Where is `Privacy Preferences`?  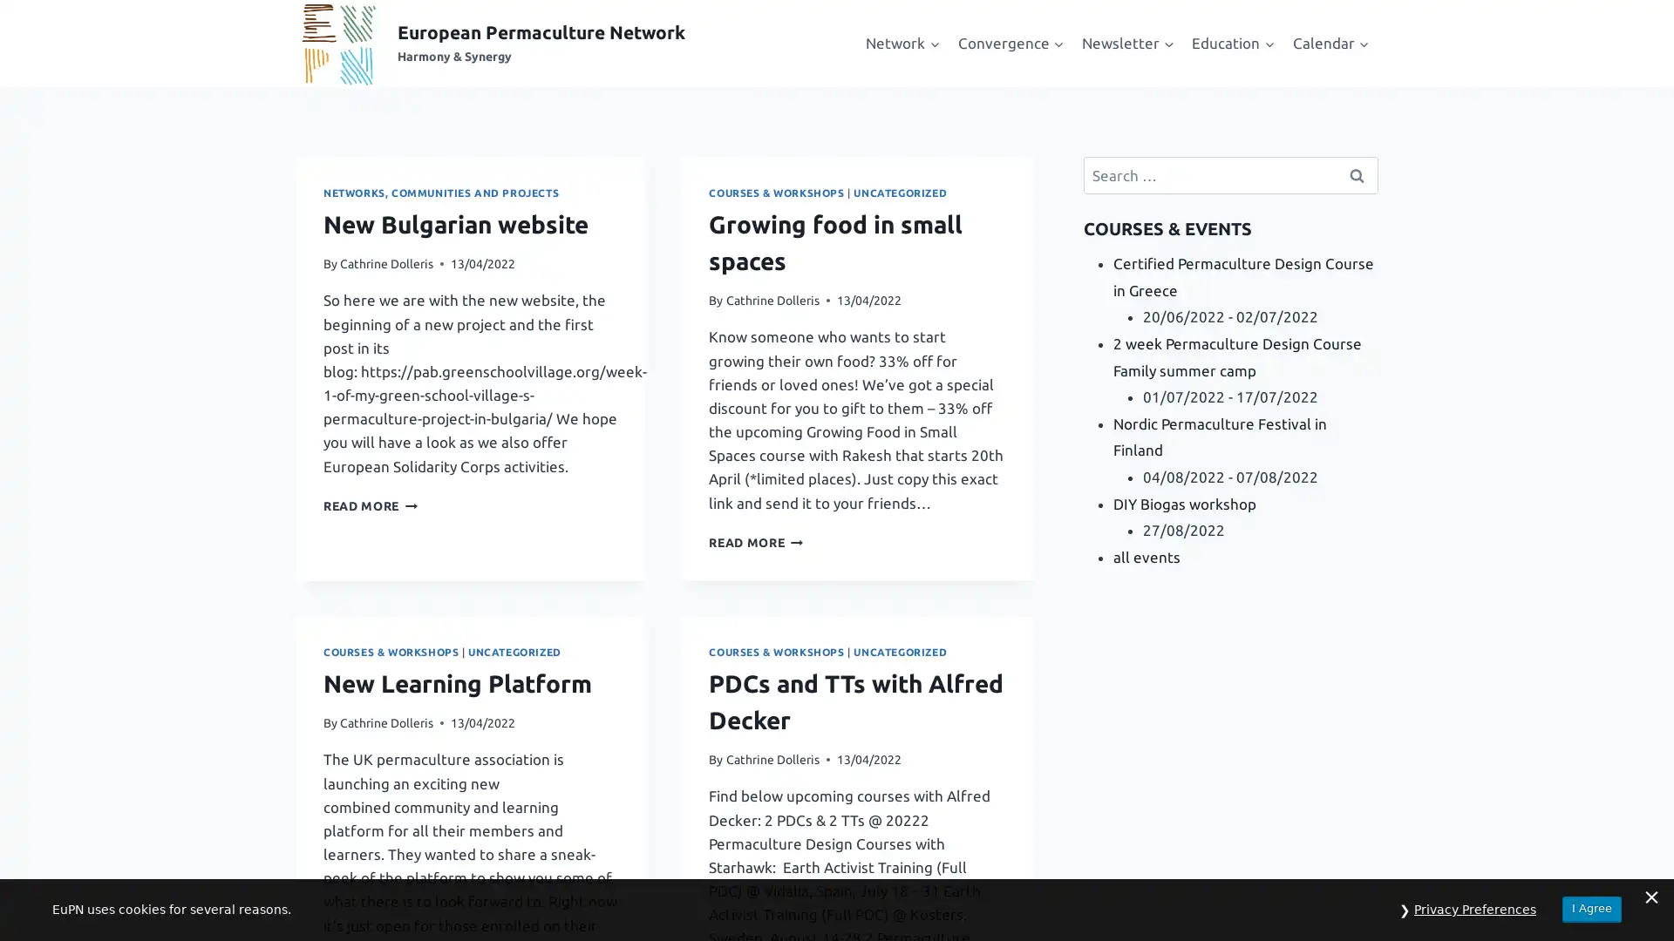 Privacy Preferences is located at coordinates (1474, 909).